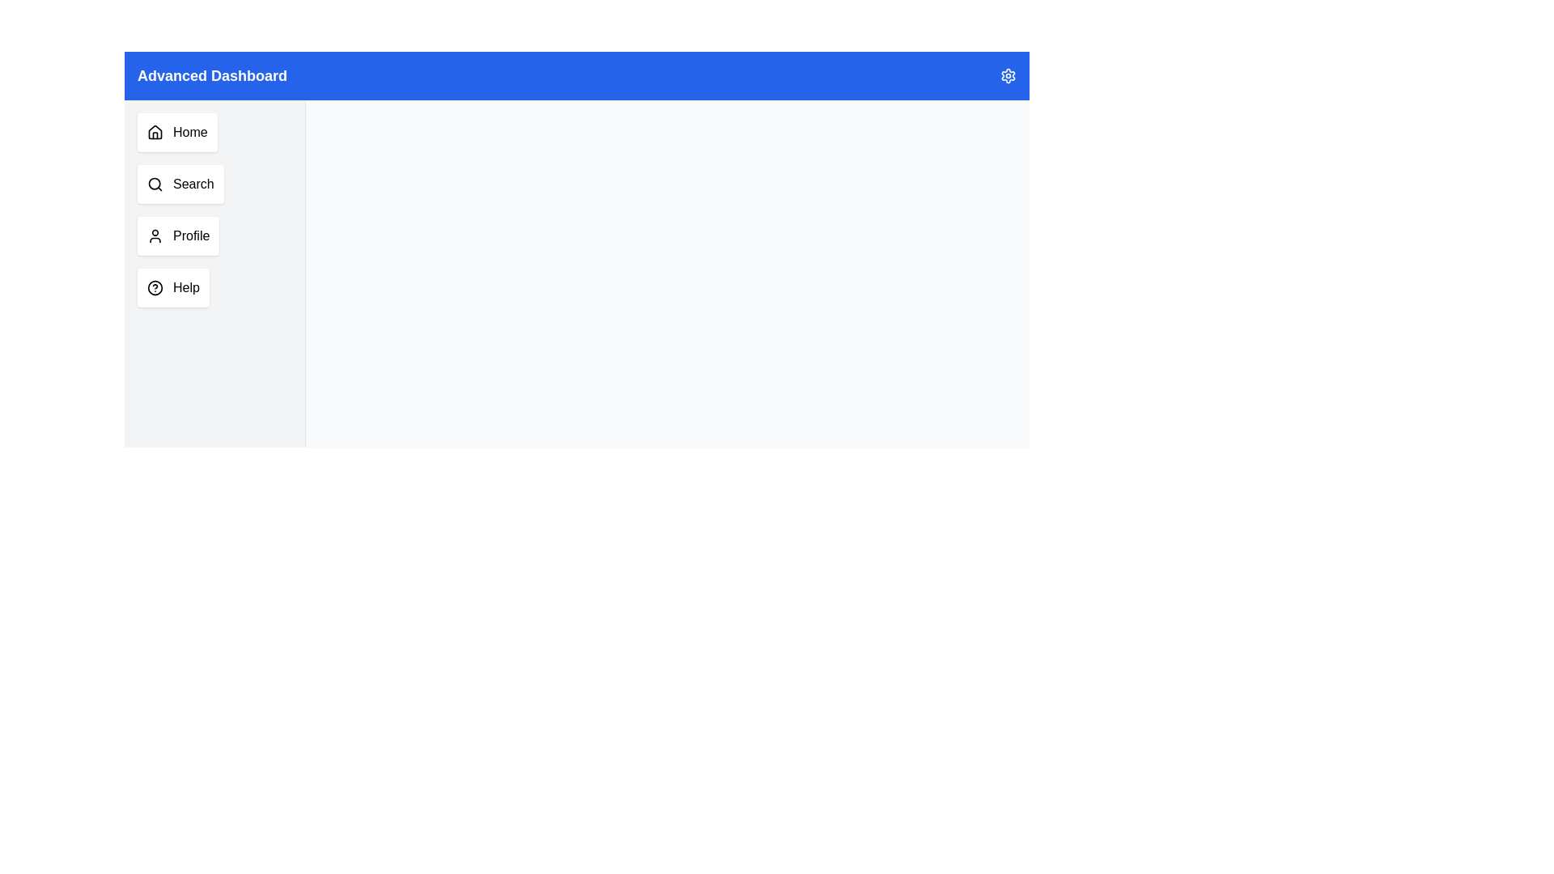 The height and width of the screenshot is (874, 1554). I want to click on the 'Help' button, so click(173, 286).